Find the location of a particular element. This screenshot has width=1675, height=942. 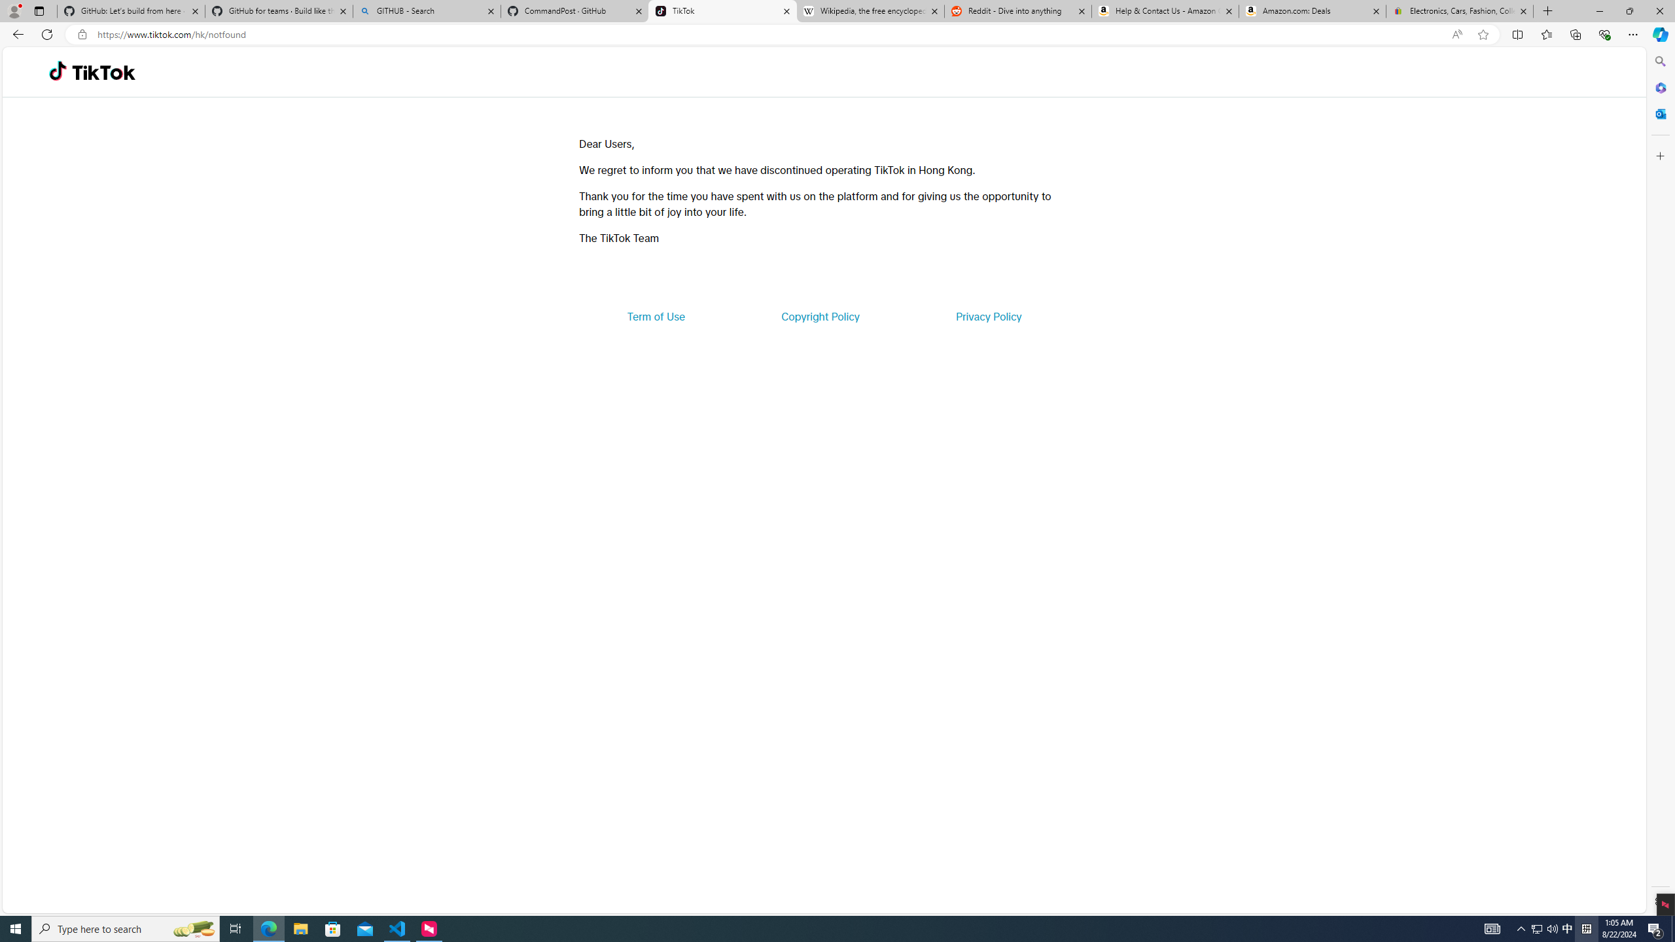

'Copyright Policy' is located at coordinates (819, 315).